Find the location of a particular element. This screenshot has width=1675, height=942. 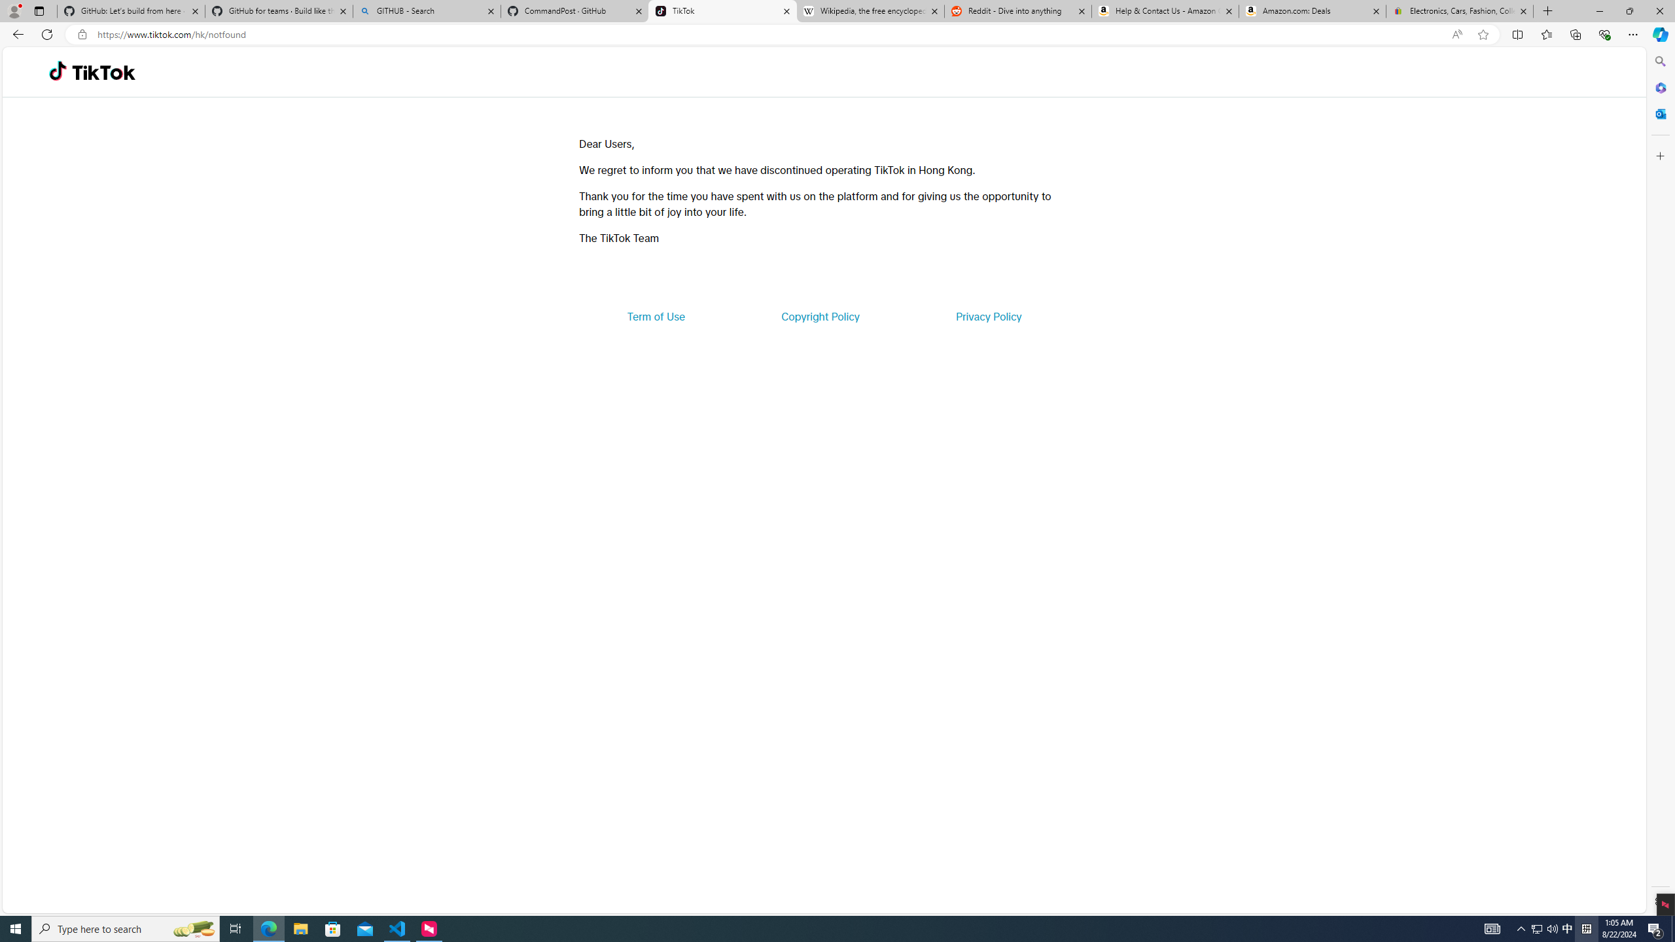

'Copyright Policy' is located at coordinates (819, 315).